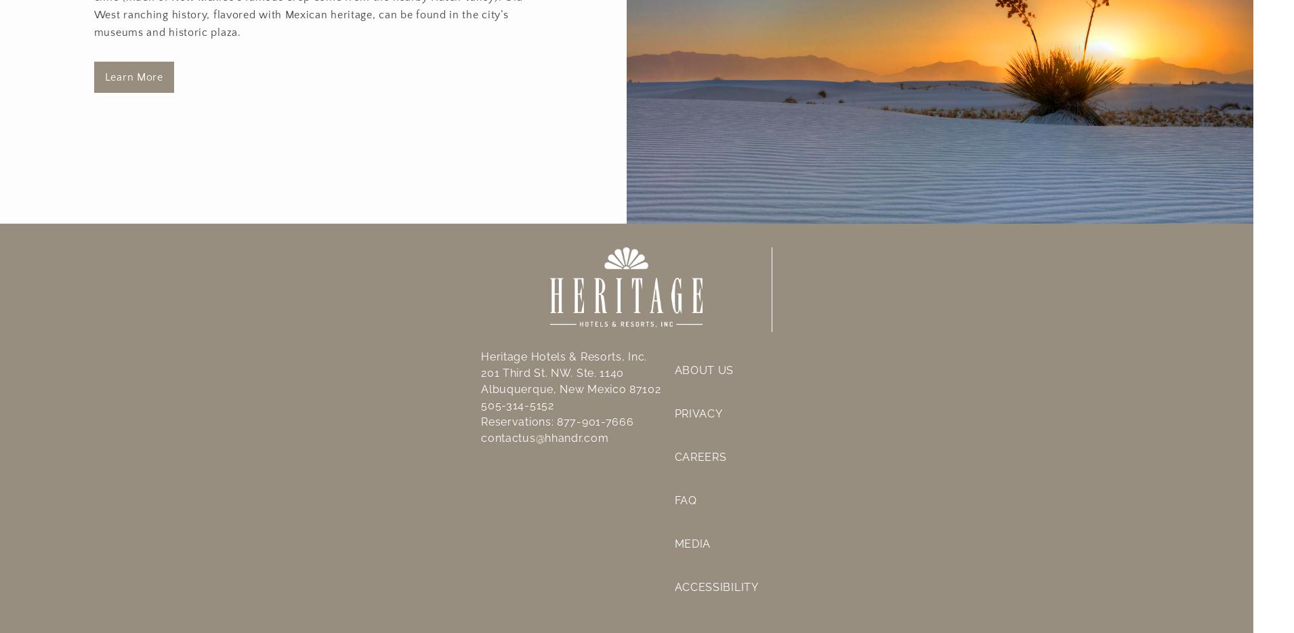 Image resolution: width=1294 pixels, height=633 pixels. Describe the element at coordinates (552, 372) in the screenshot. I see `'201 Third St. NW. Ste. 1140'` at that location.